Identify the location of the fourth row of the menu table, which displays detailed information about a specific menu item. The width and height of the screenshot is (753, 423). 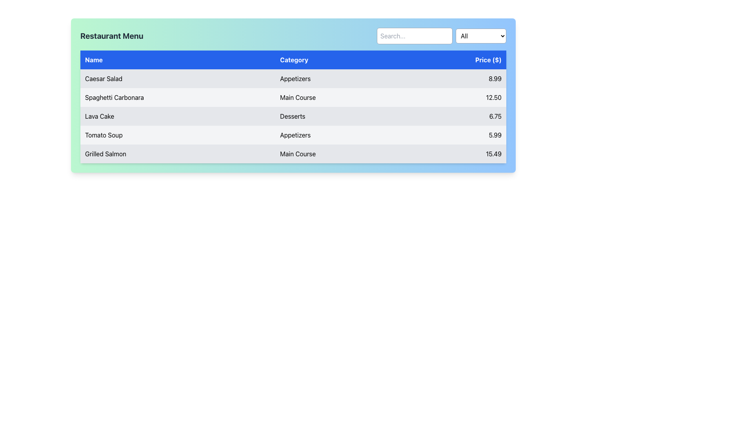
(293, 134).